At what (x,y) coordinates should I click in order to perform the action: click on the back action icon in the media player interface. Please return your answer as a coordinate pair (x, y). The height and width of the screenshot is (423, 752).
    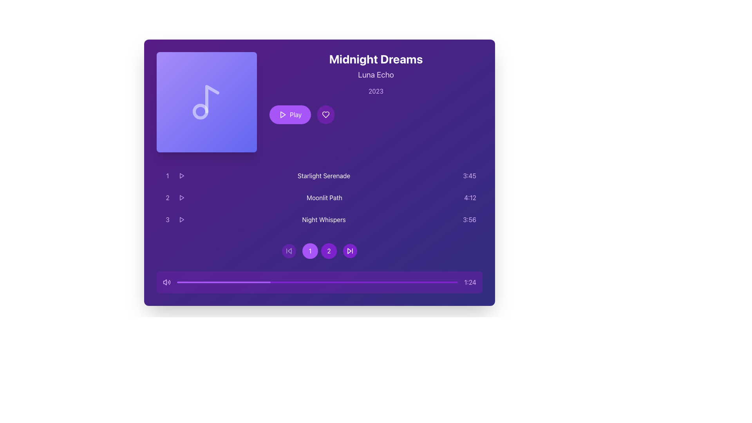
    Looking at the image, I should click on (289, 251).